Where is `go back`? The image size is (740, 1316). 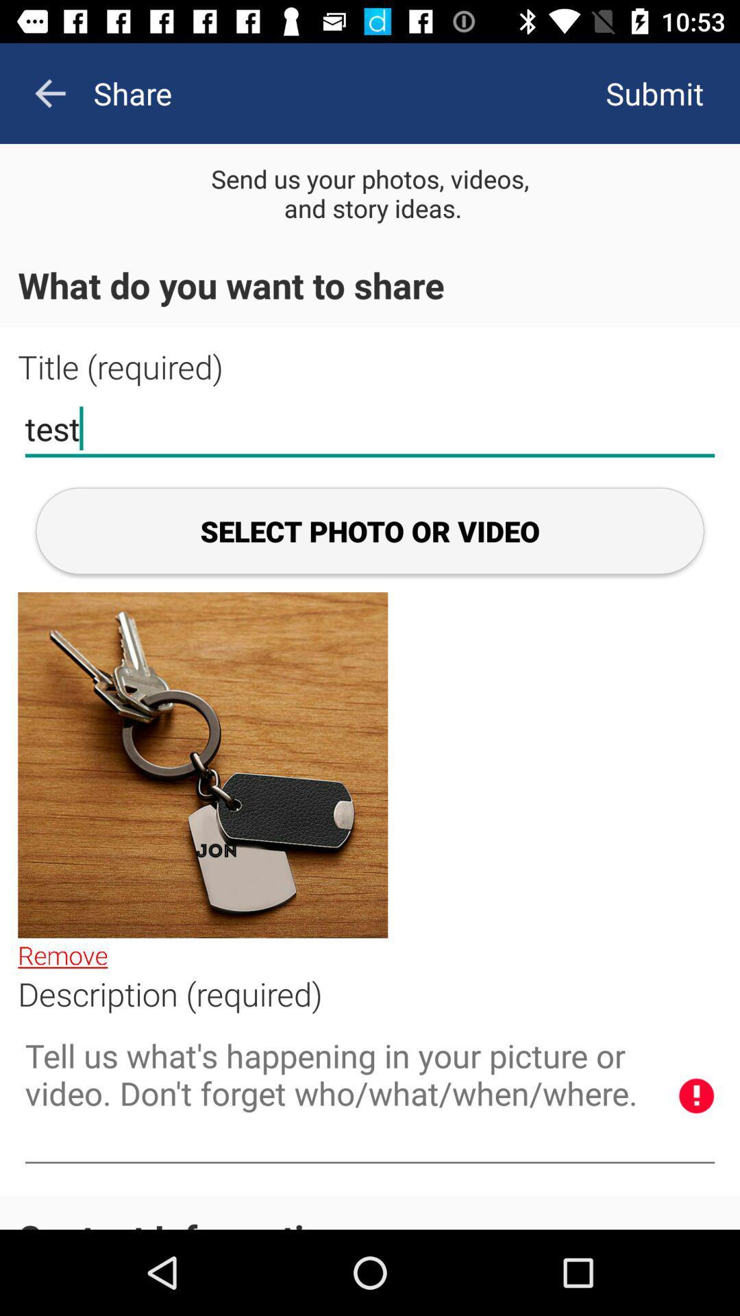 go back is located at coordinates (49, 93).